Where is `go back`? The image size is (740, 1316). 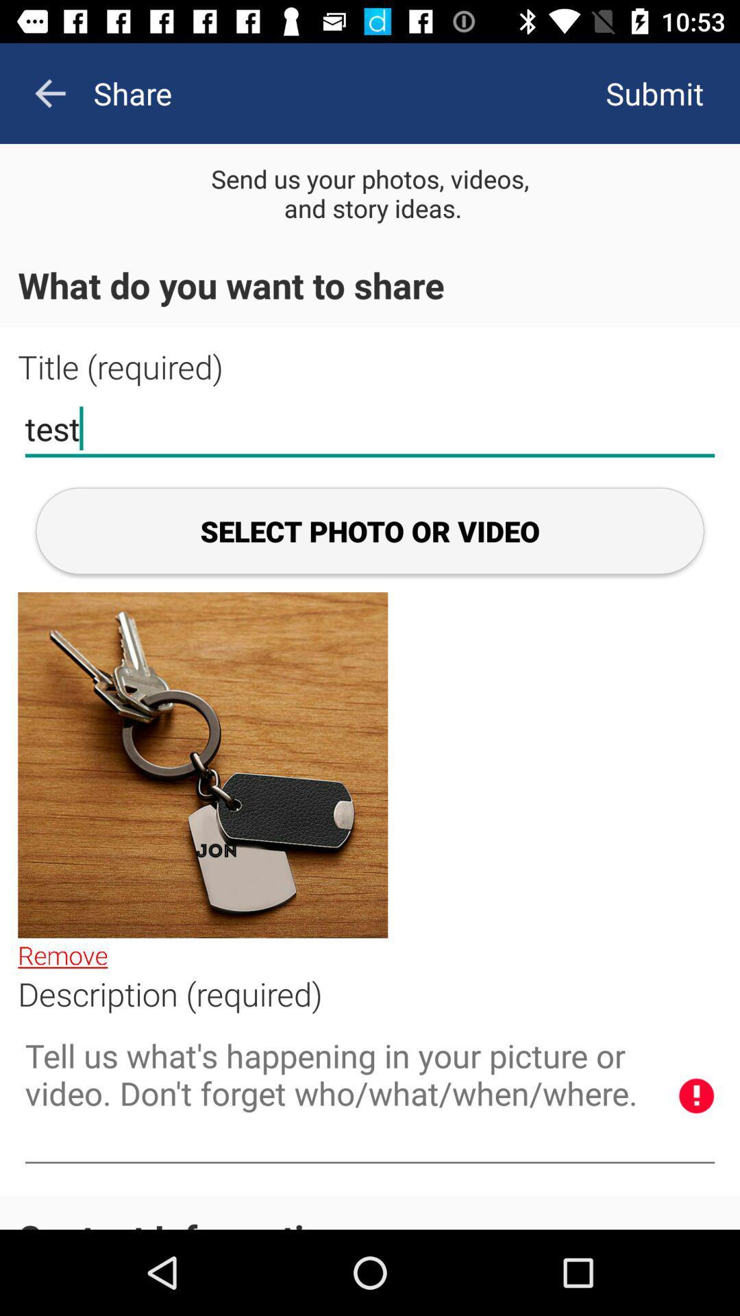 go back is located at coordinates (49, 93).